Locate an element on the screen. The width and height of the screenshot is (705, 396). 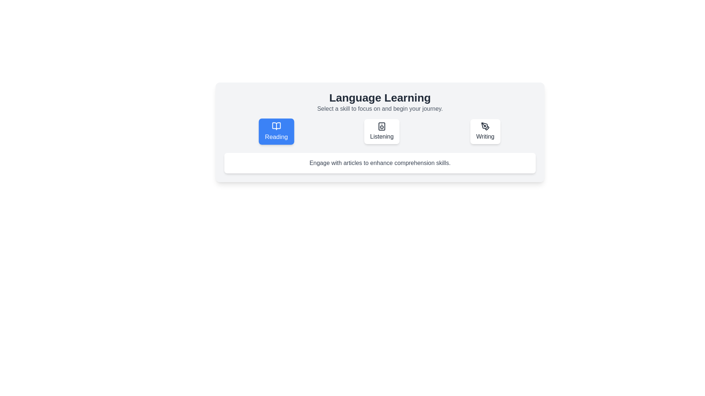
the graphical decorative rectangle located within the speaker icon, specifically positioned towards the top-left region of the icon is located at coordinates (382, 126).